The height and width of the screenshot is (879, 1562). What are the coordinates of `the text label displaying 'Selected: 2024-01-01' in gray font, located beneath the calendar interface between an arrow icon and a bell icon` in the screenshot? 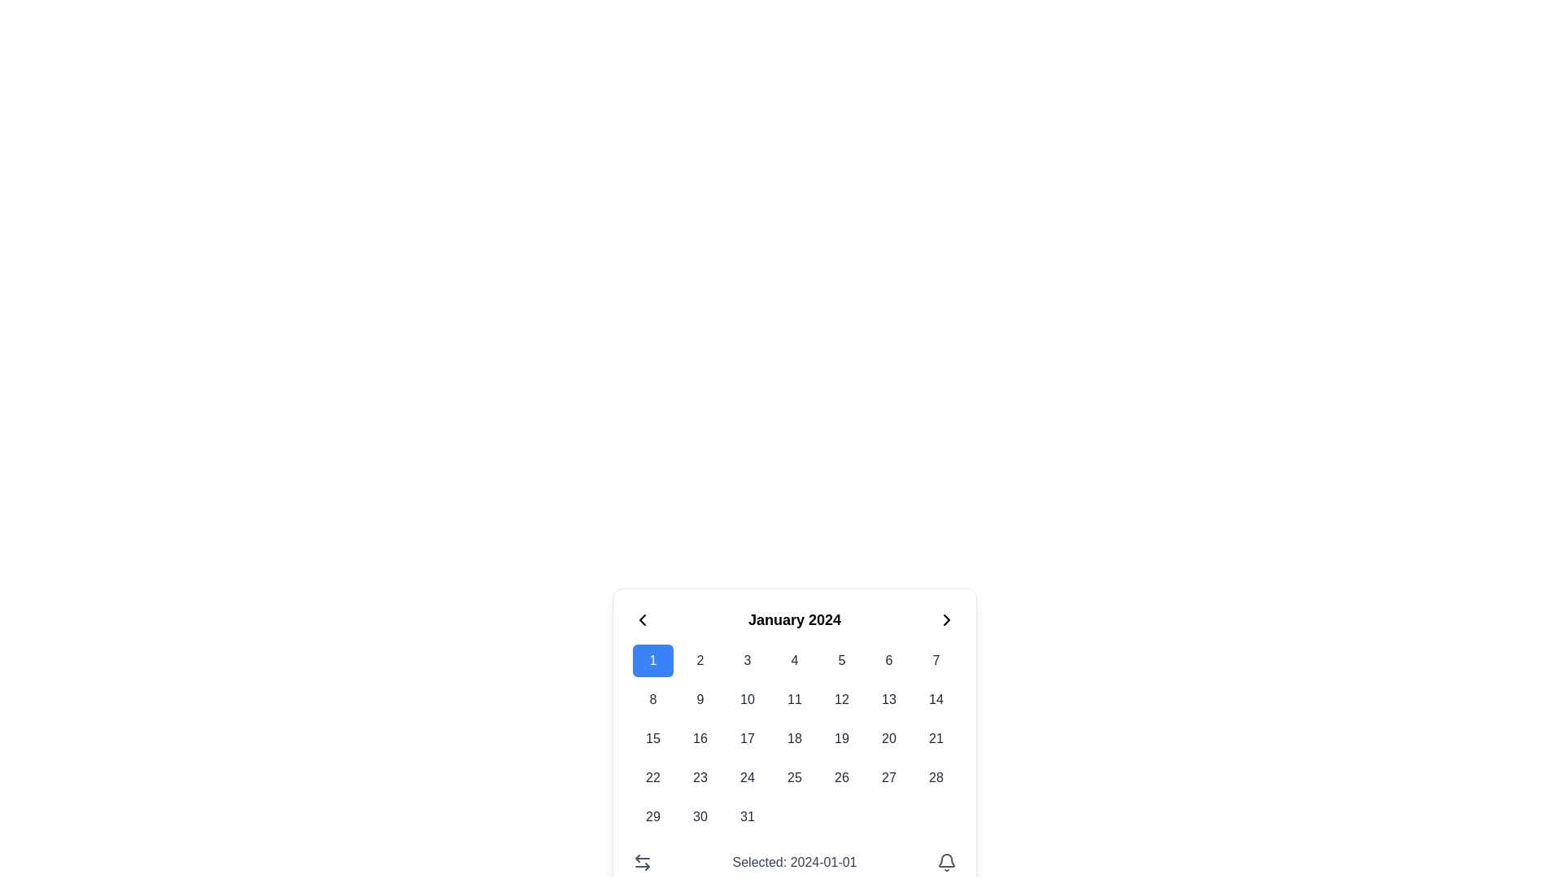 It's located at (795, 862).